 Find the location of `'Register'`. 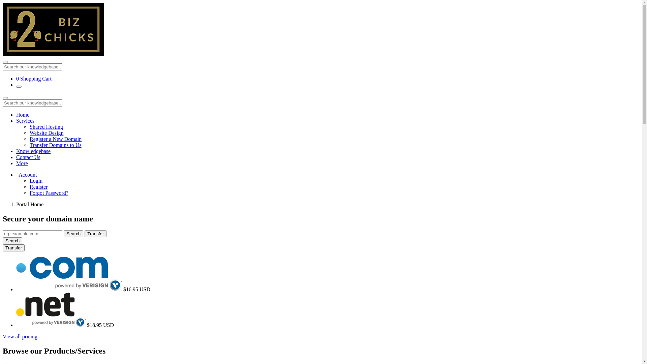

'Register' is located at coordinates (29, 187).